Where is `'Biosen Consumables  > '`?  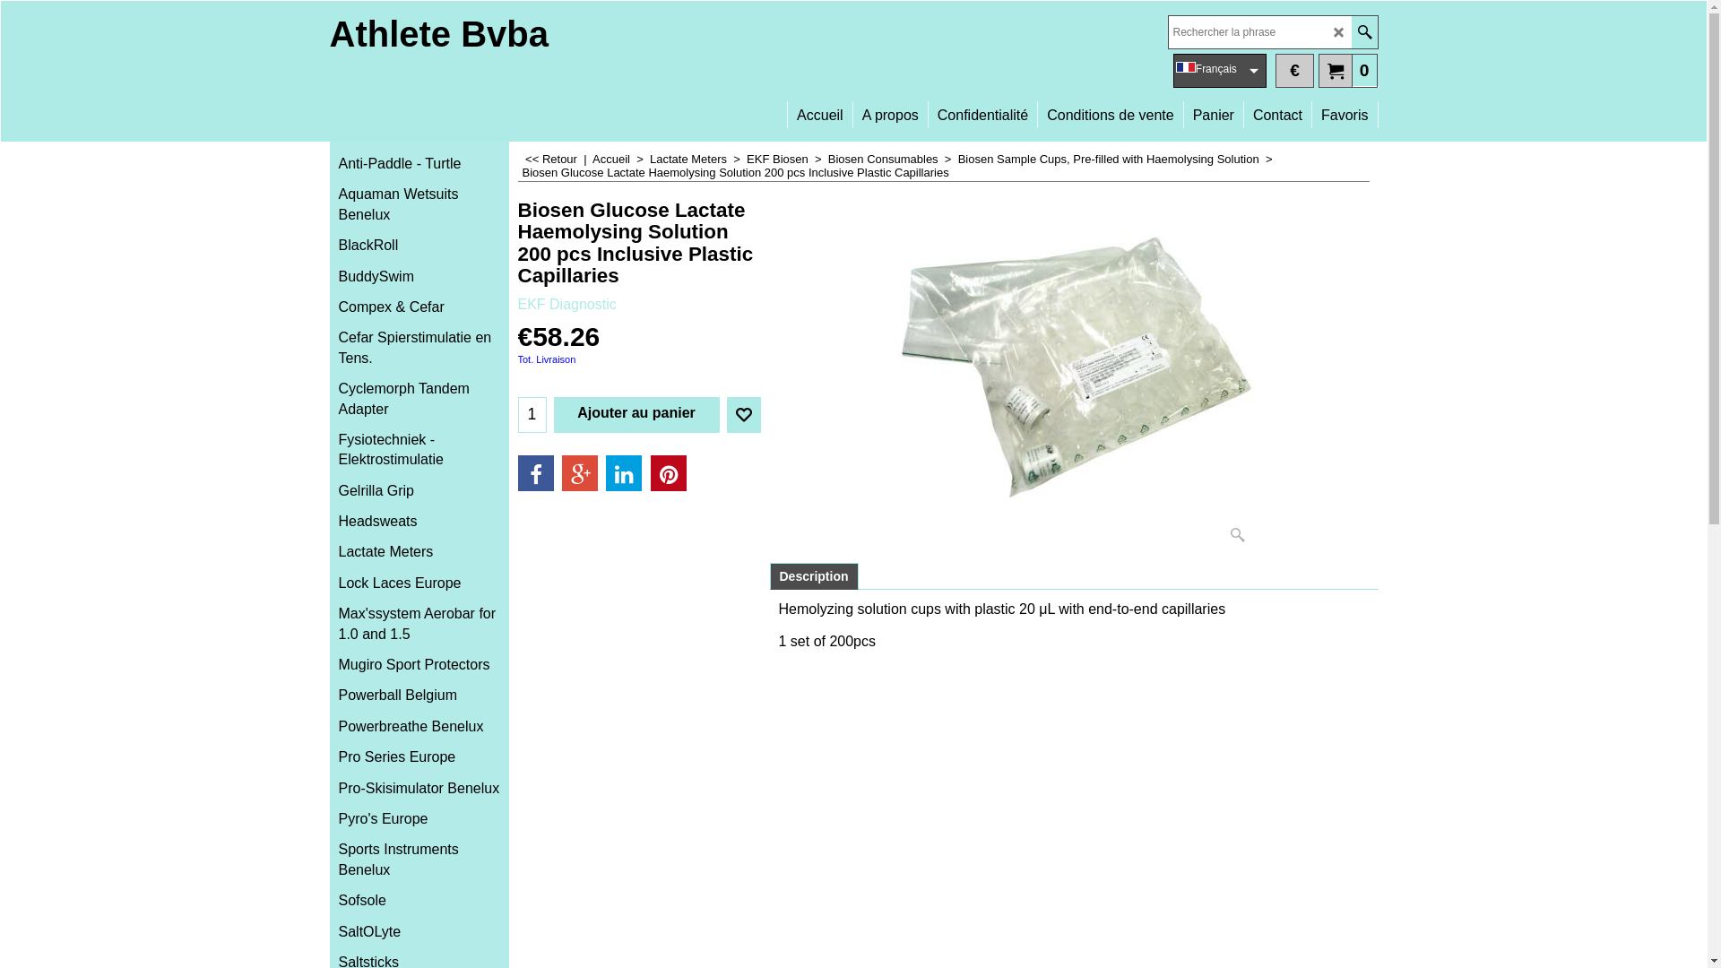
'Biosen Consumables  > ' is located at coordinates (893, 158).